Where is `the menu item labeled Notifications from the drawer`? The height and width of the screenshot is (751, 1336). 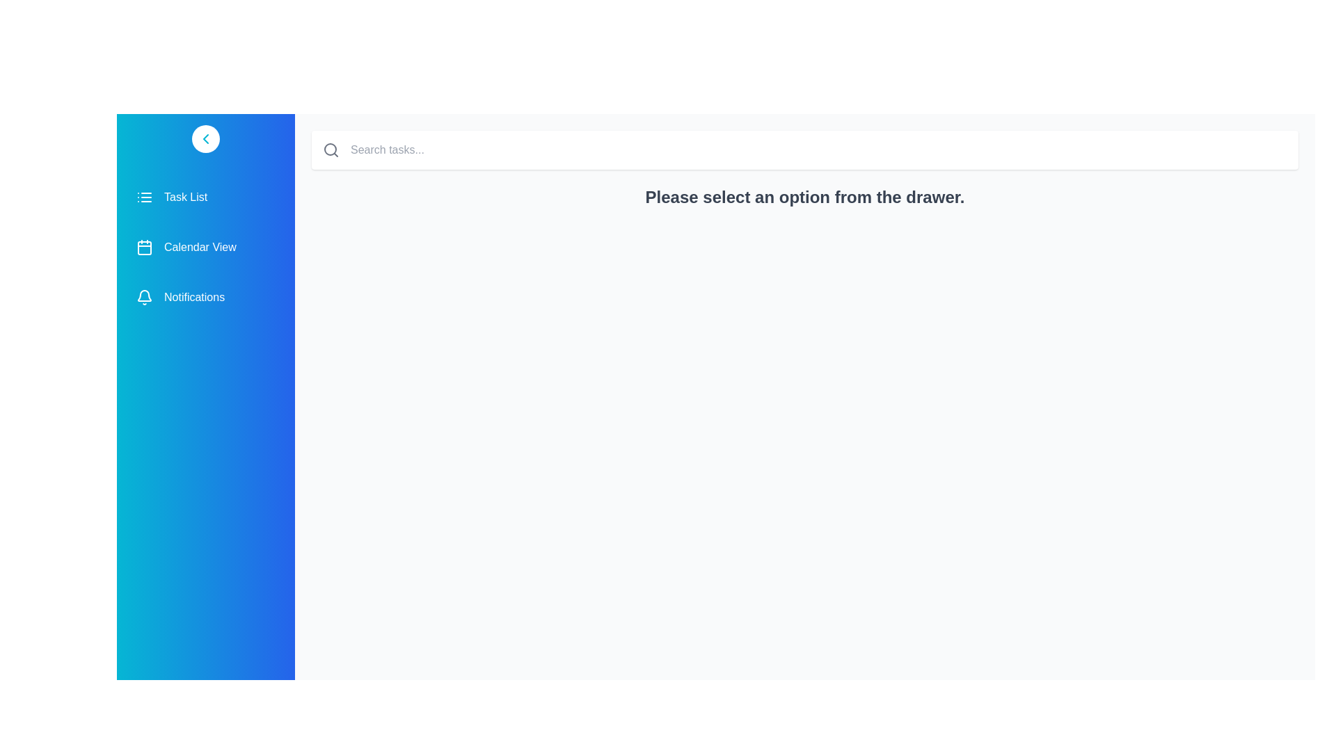 the menu item labeled Notifications from the drawer is located at coordinates (205, 297).